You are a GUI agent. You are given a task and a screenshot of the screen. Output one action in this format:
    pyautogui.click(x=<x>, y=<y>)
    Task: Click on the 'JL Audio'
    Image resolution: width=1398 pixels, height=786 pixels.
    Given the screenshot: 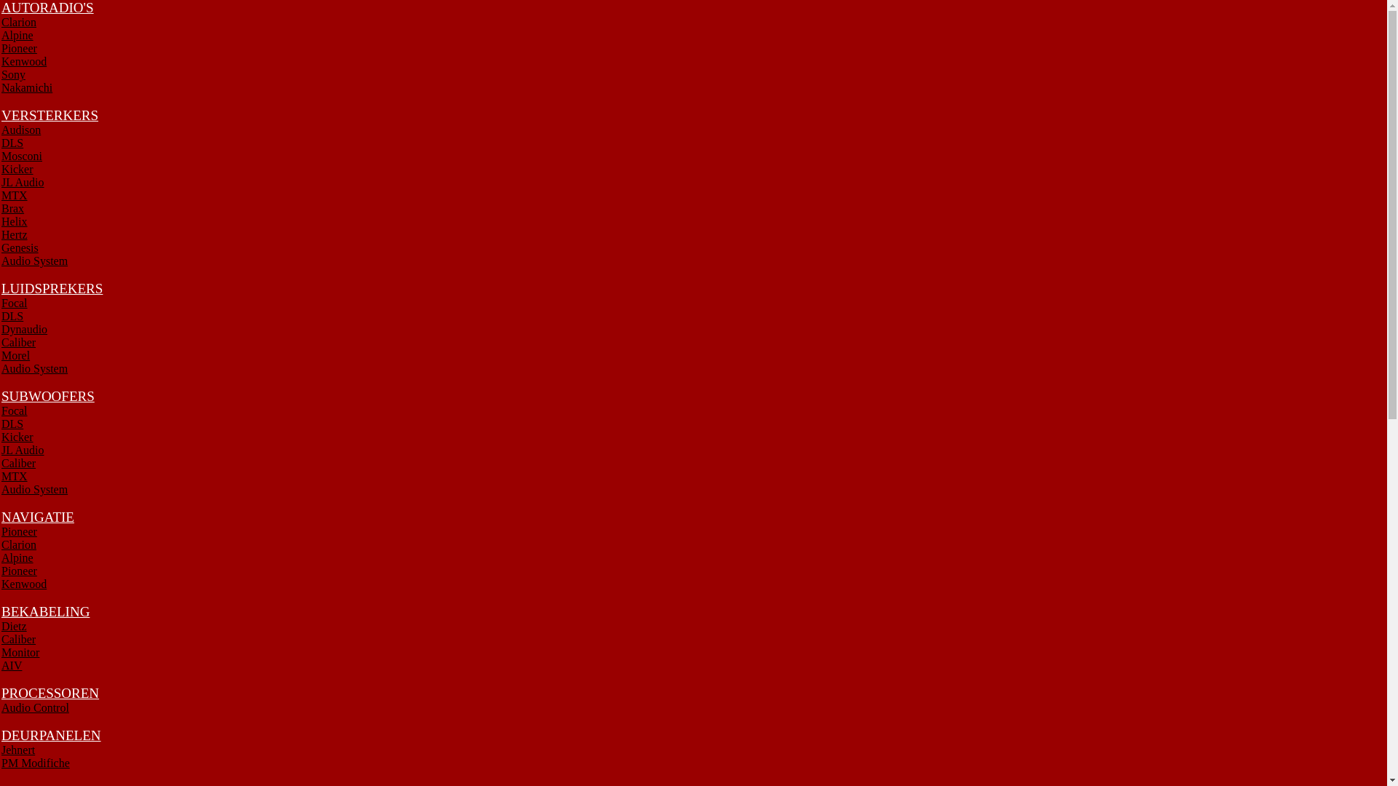 What is the action you would take?
    pyautogui.click(x=23, y=181)
    